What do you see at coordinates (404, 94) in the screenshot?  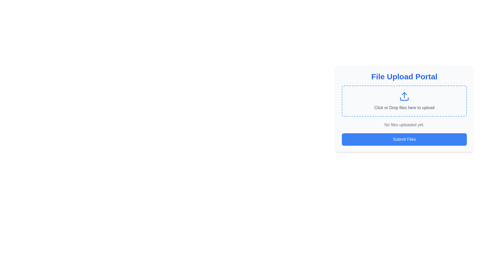 I see `the upward-pointing arrow polygon graphic element within the blue outlined upload icon in the center of the file upload interface` at bounding box center [404, 94].